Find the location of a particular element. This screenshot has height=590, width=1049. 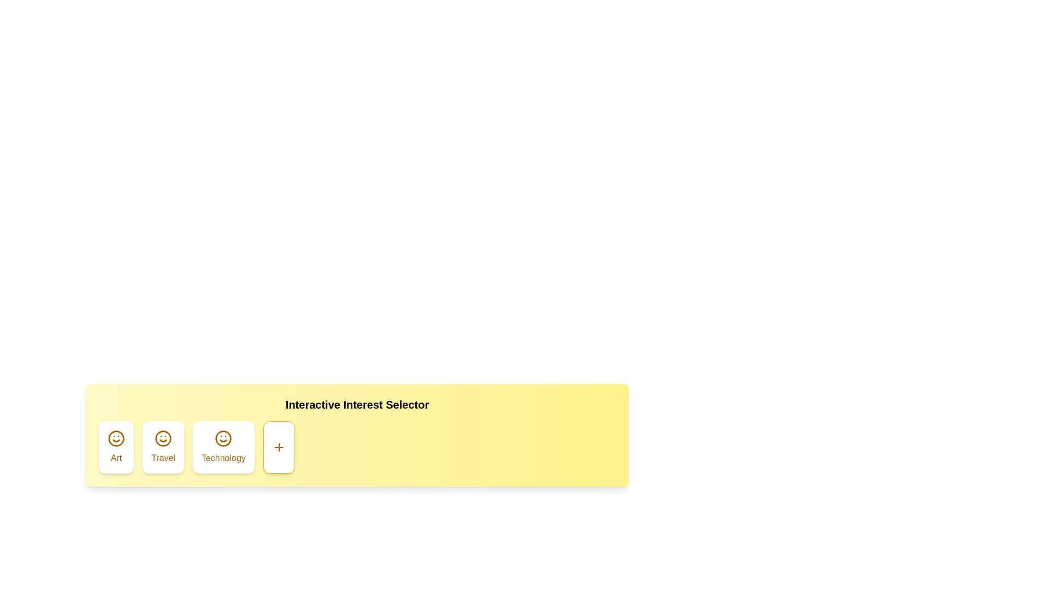

the chip labeled Travel to observe its visual changes is located at coordinates (162, 447).